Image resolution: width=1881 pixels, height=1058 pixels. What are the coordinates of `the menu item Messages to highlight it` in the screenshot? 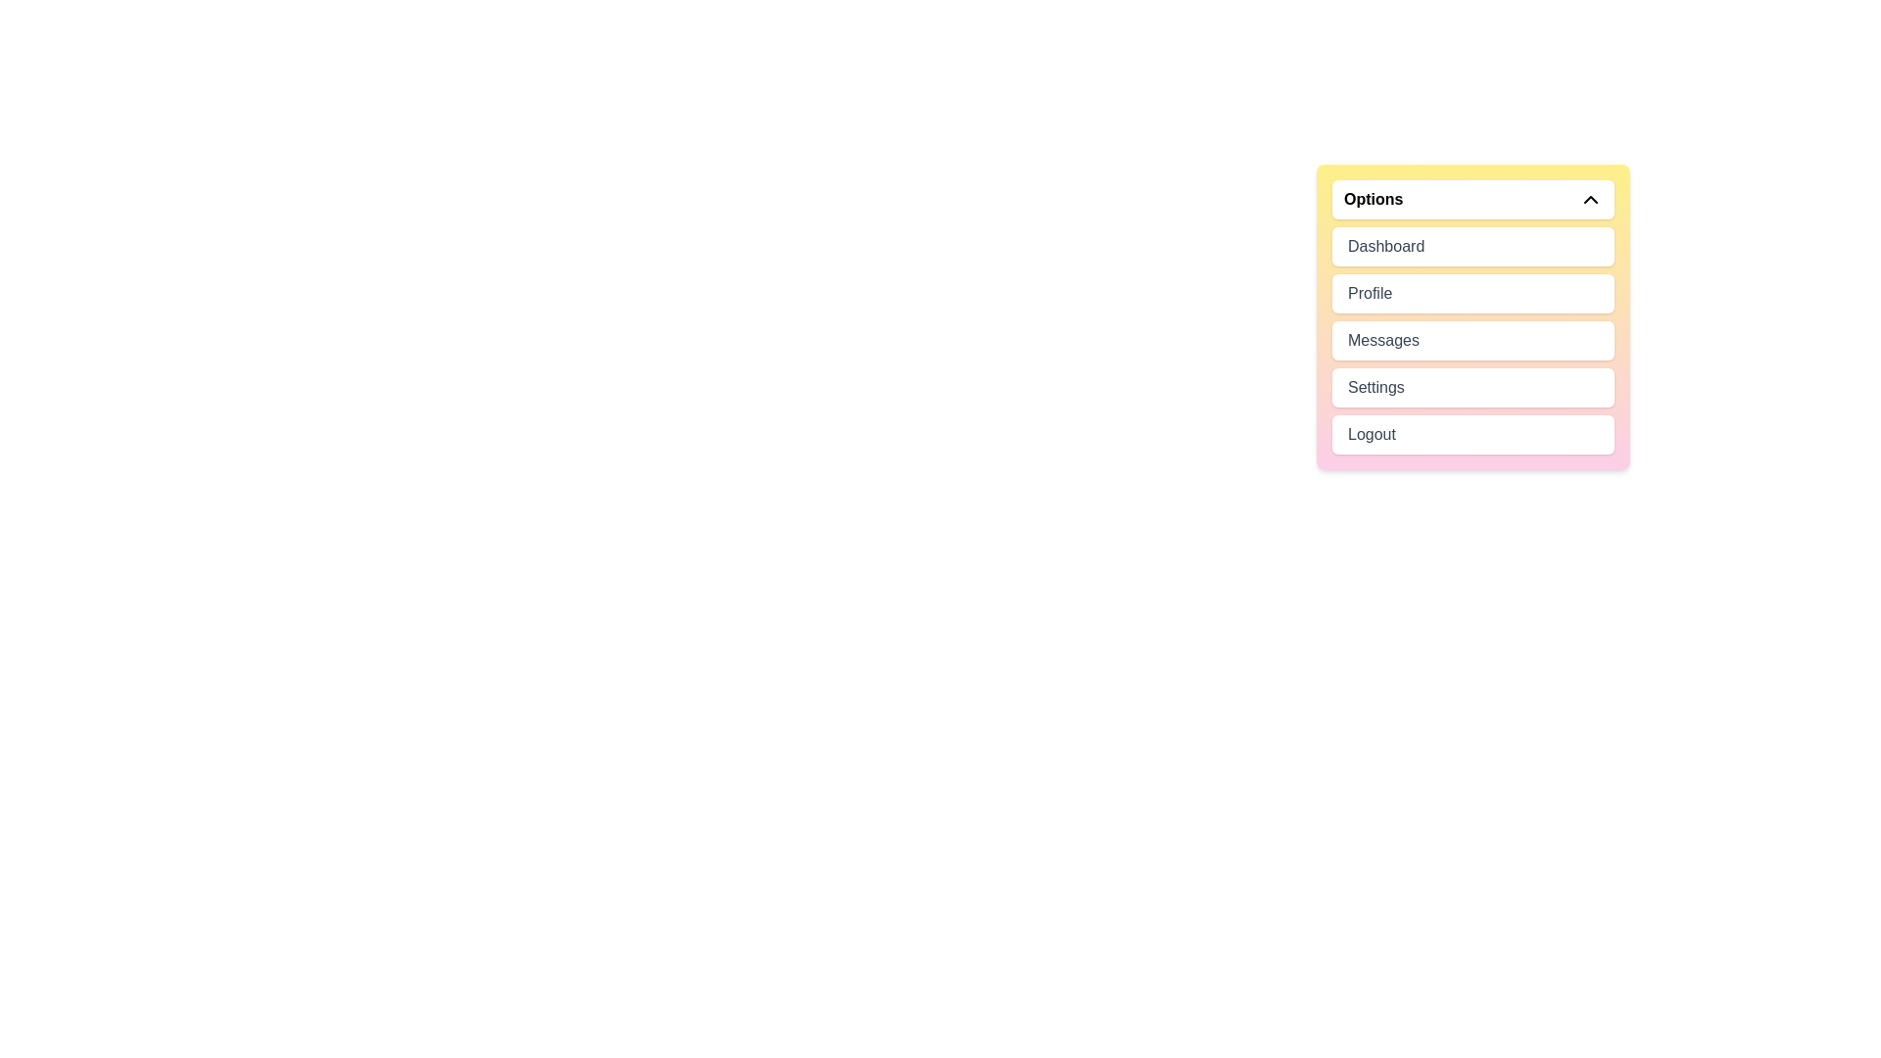 It's located at (1472, 339).